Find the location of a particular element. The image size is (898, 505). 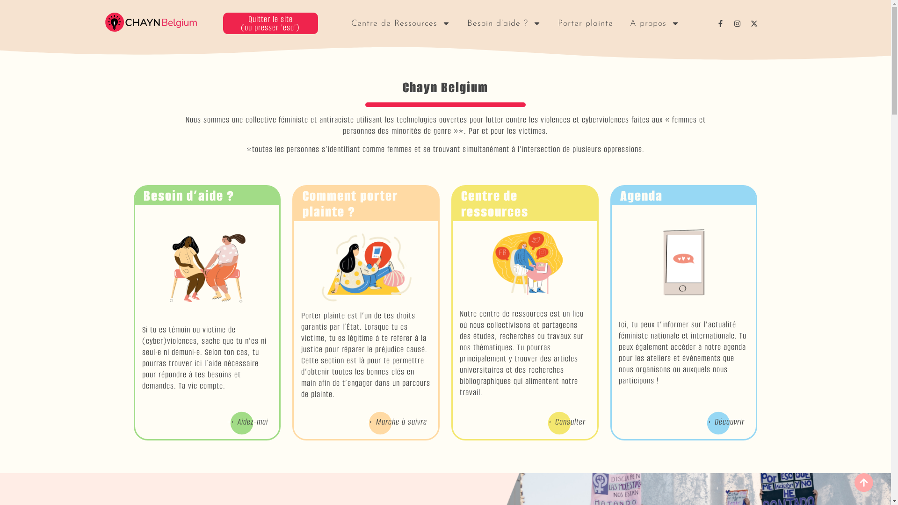

'Centre de ressources' is located at coordinates (494, 203).